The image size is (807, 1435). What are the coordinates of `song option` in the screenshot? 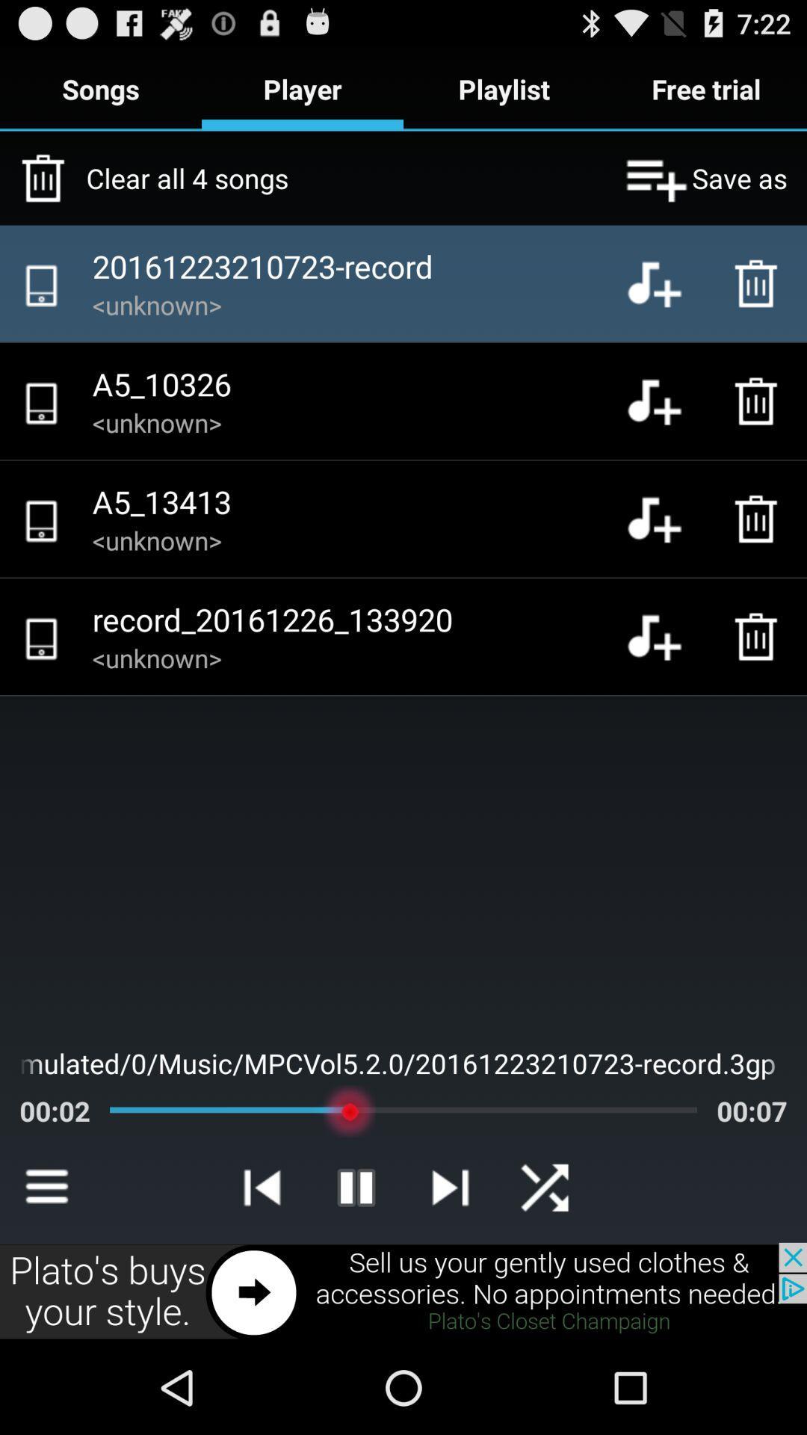 It's located at (665, 519).